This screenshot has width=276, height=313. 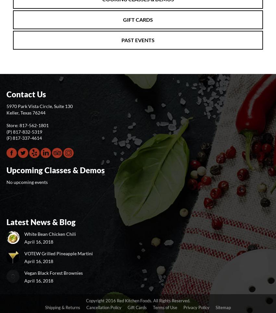 I want to click on 'Upcoming Classes & Demos', so click(x=6, y=169).